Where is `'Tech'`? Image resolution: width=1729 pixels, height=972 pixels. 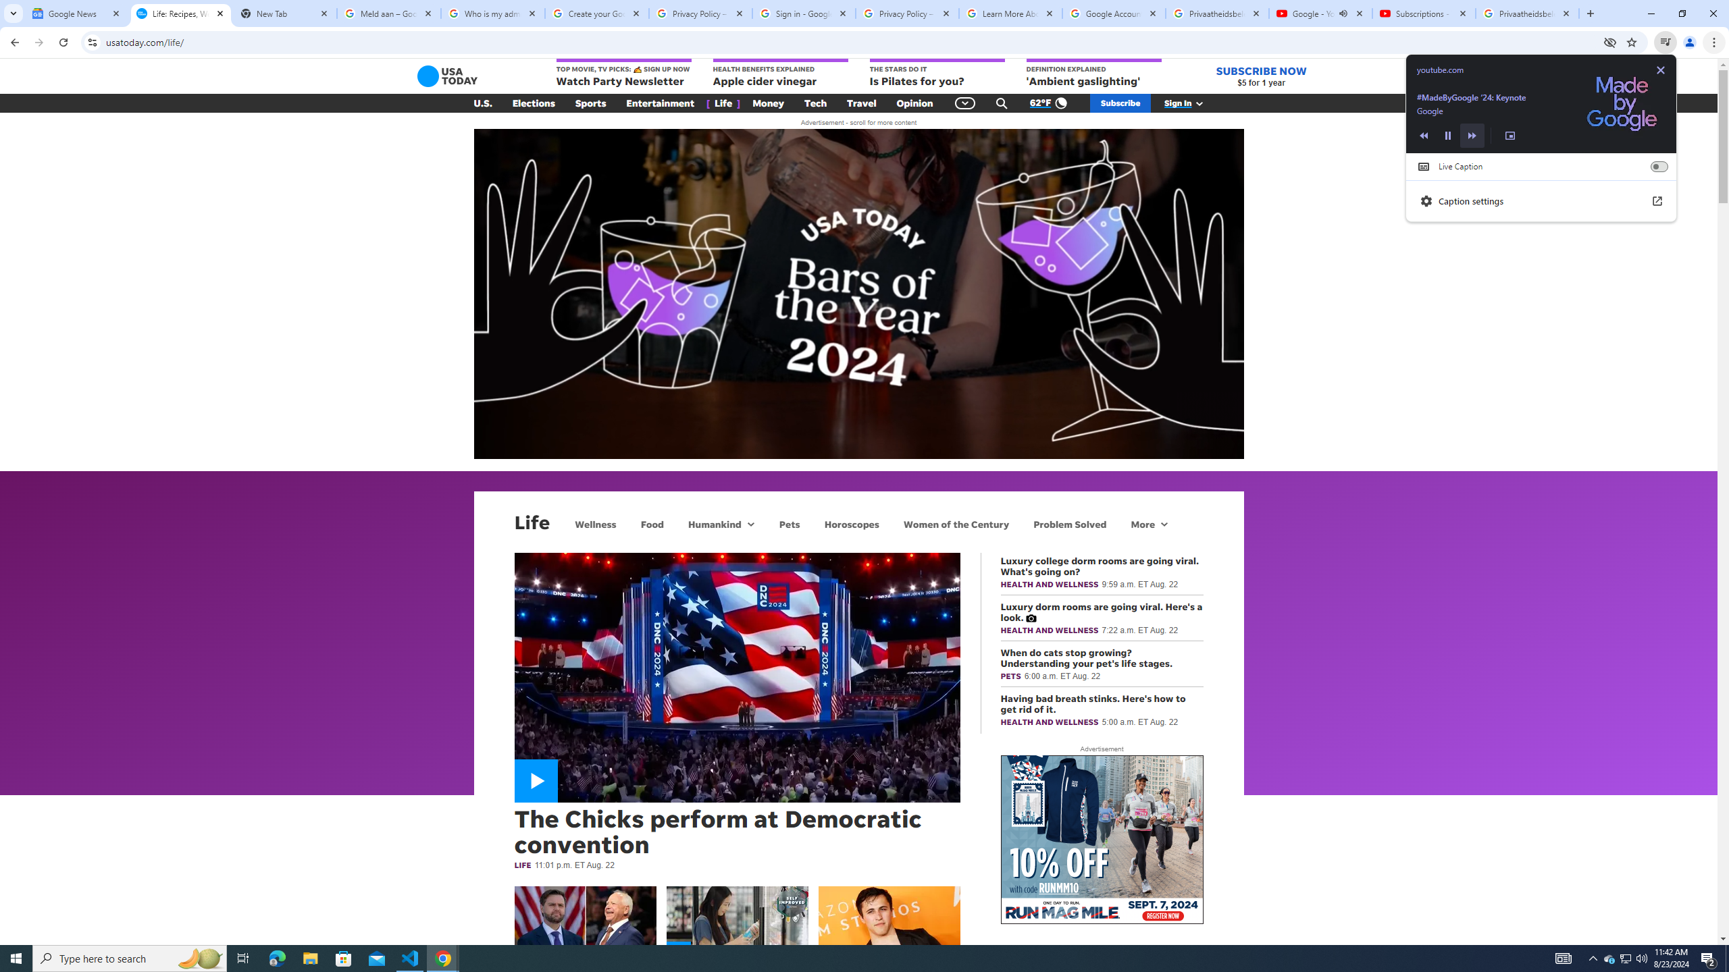 'Tech' is located at coordinates (815, 103).